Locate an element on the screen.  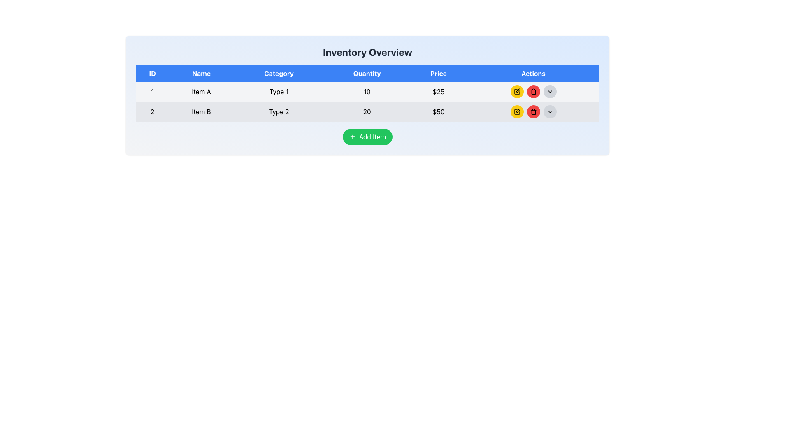
the pen icon inside the yellow circular button in the 'Actions' column of the second row of the inventory table is located at coordinates (517, 90).